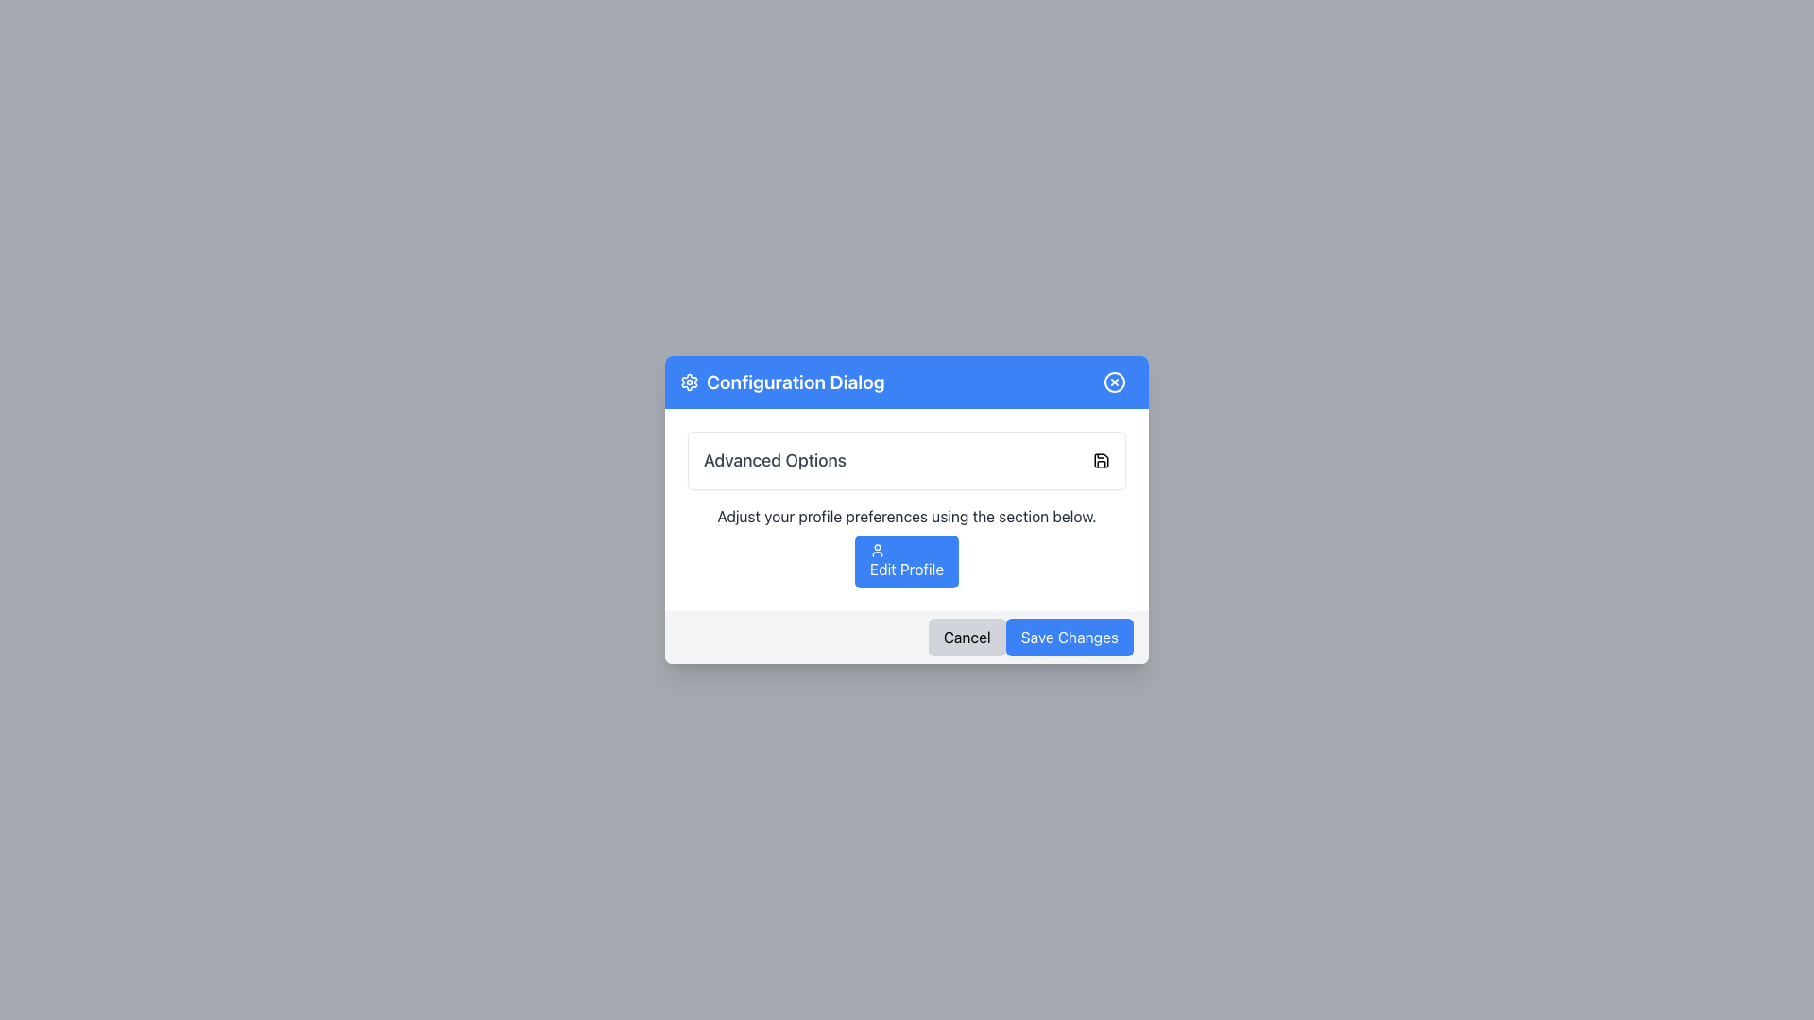  Describe the element at coordinates (782, 382) in the screenshot. I see `the text label that serves as the title of the dialog box, located in the top-left portion and adjacent to the close button` at that location.